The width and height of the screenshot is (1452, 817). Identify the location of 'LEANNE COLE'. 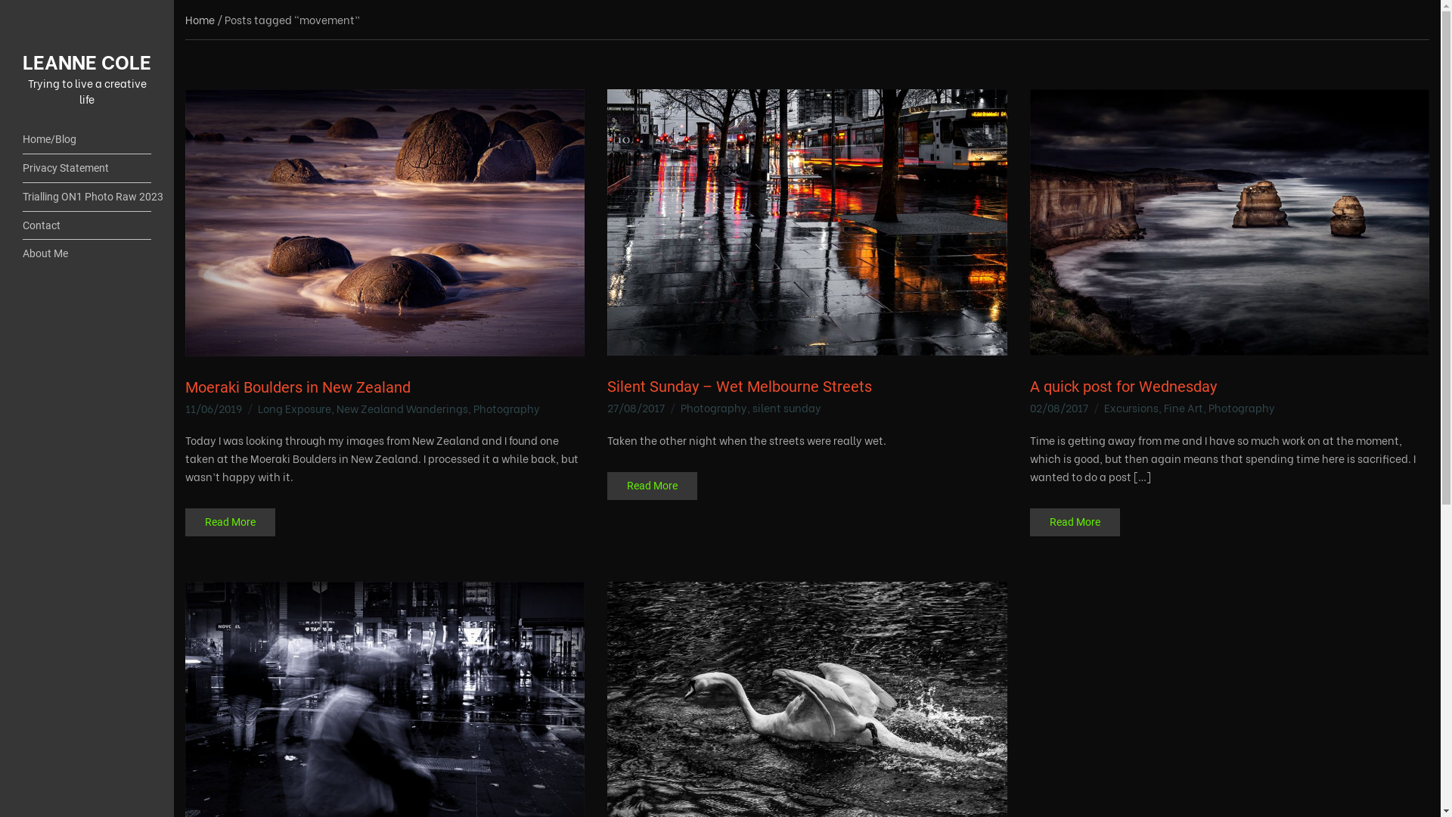
(86, 60).